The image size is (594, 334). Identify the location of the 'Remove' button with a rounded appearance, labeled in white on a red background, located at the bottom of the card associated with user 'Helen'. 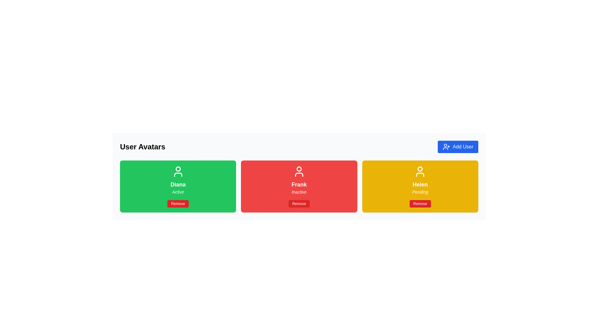
(420, 204).